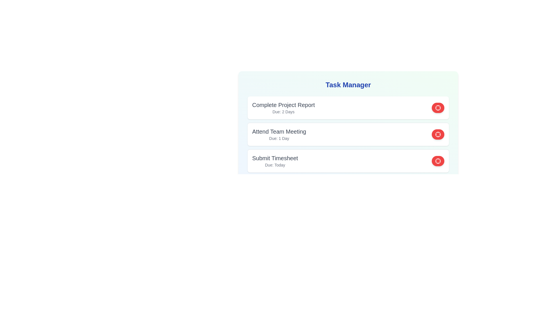 This screenshot has width=549, height=309. What do you see at coordinates (437, 134) in the screenshot?
I see `the icon button located in the right section of the third task item card labeled 'Submit Timesheet' to interact with the task action` at bounding box center [437, 134].